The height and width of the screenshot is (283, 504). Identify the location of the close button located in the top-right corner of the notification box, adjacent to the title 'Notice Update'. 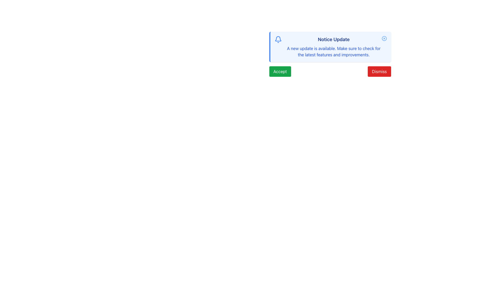
(384, 38).